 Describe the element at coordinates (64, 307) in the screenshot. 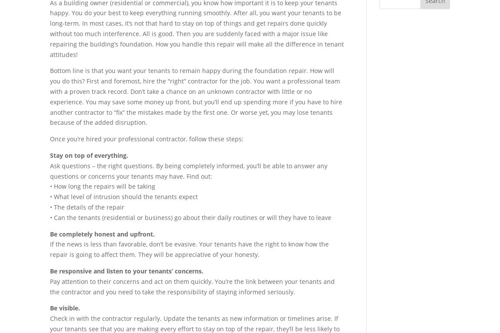

I see `'Be visible.'` at that location.